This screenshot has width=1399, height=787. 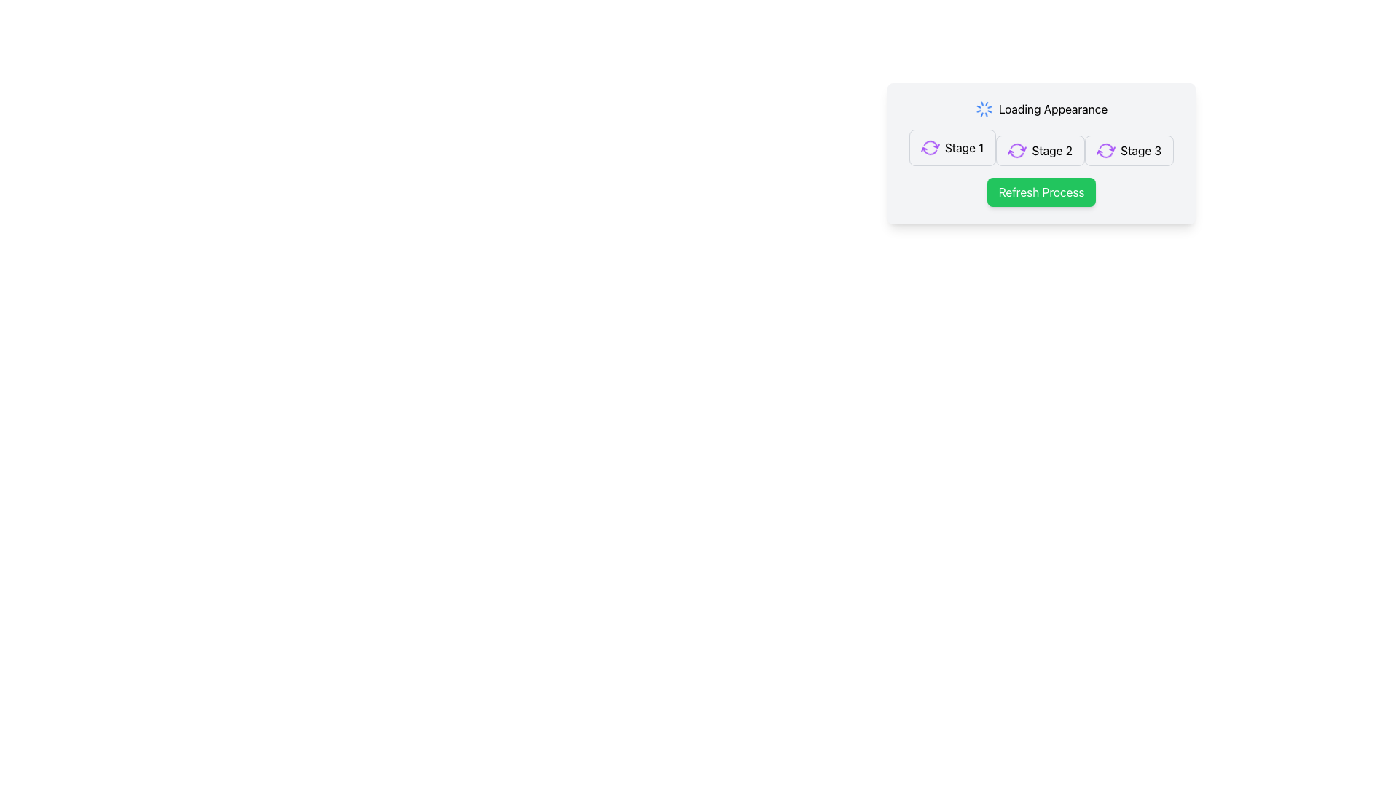 I want to click on the status label indicating an ongoing process, which is centrally located above the stage buttons in the interface panel, so click(x=1053, y=109).